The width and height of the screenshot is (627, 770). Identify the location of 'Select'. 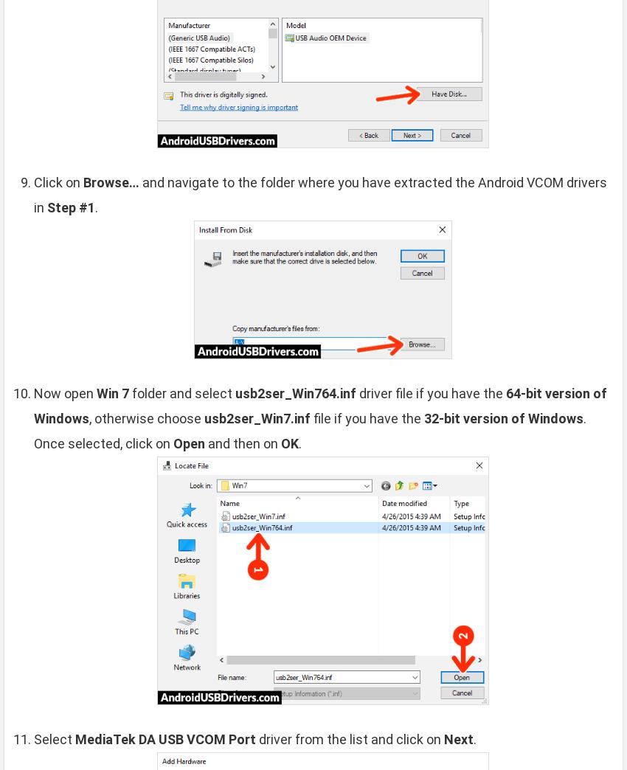
(55, 739).